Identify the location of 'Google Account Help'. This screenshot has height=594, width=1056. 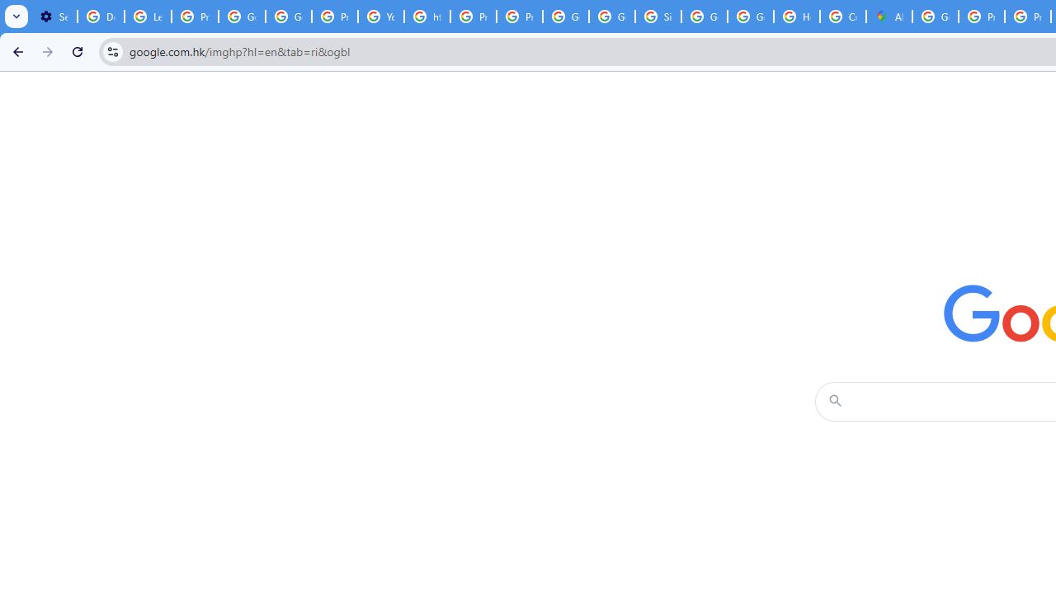
(241, 16).